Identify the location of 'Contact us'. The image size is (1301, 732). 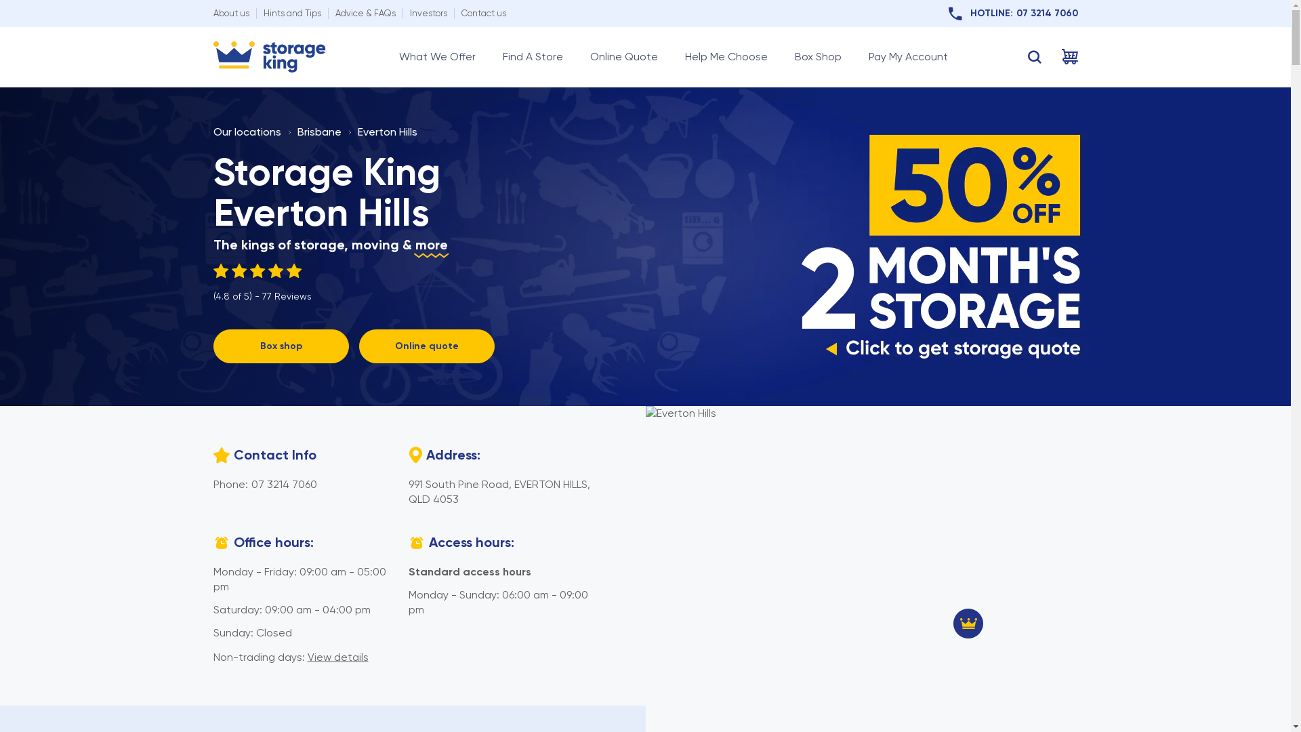
(483, 13).